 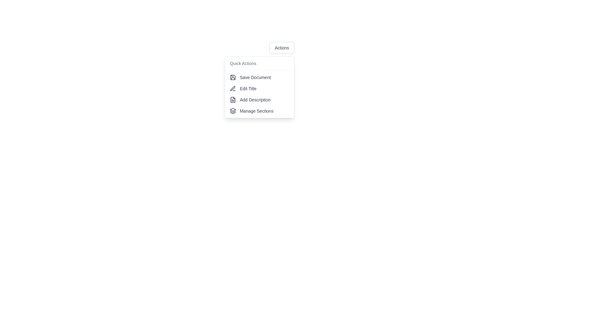 What do you see at coordinates (259, 77) in the screenshot?
I see `the 'Save' button located at the top of the dropdown menu` at bounding box center [259, 77].